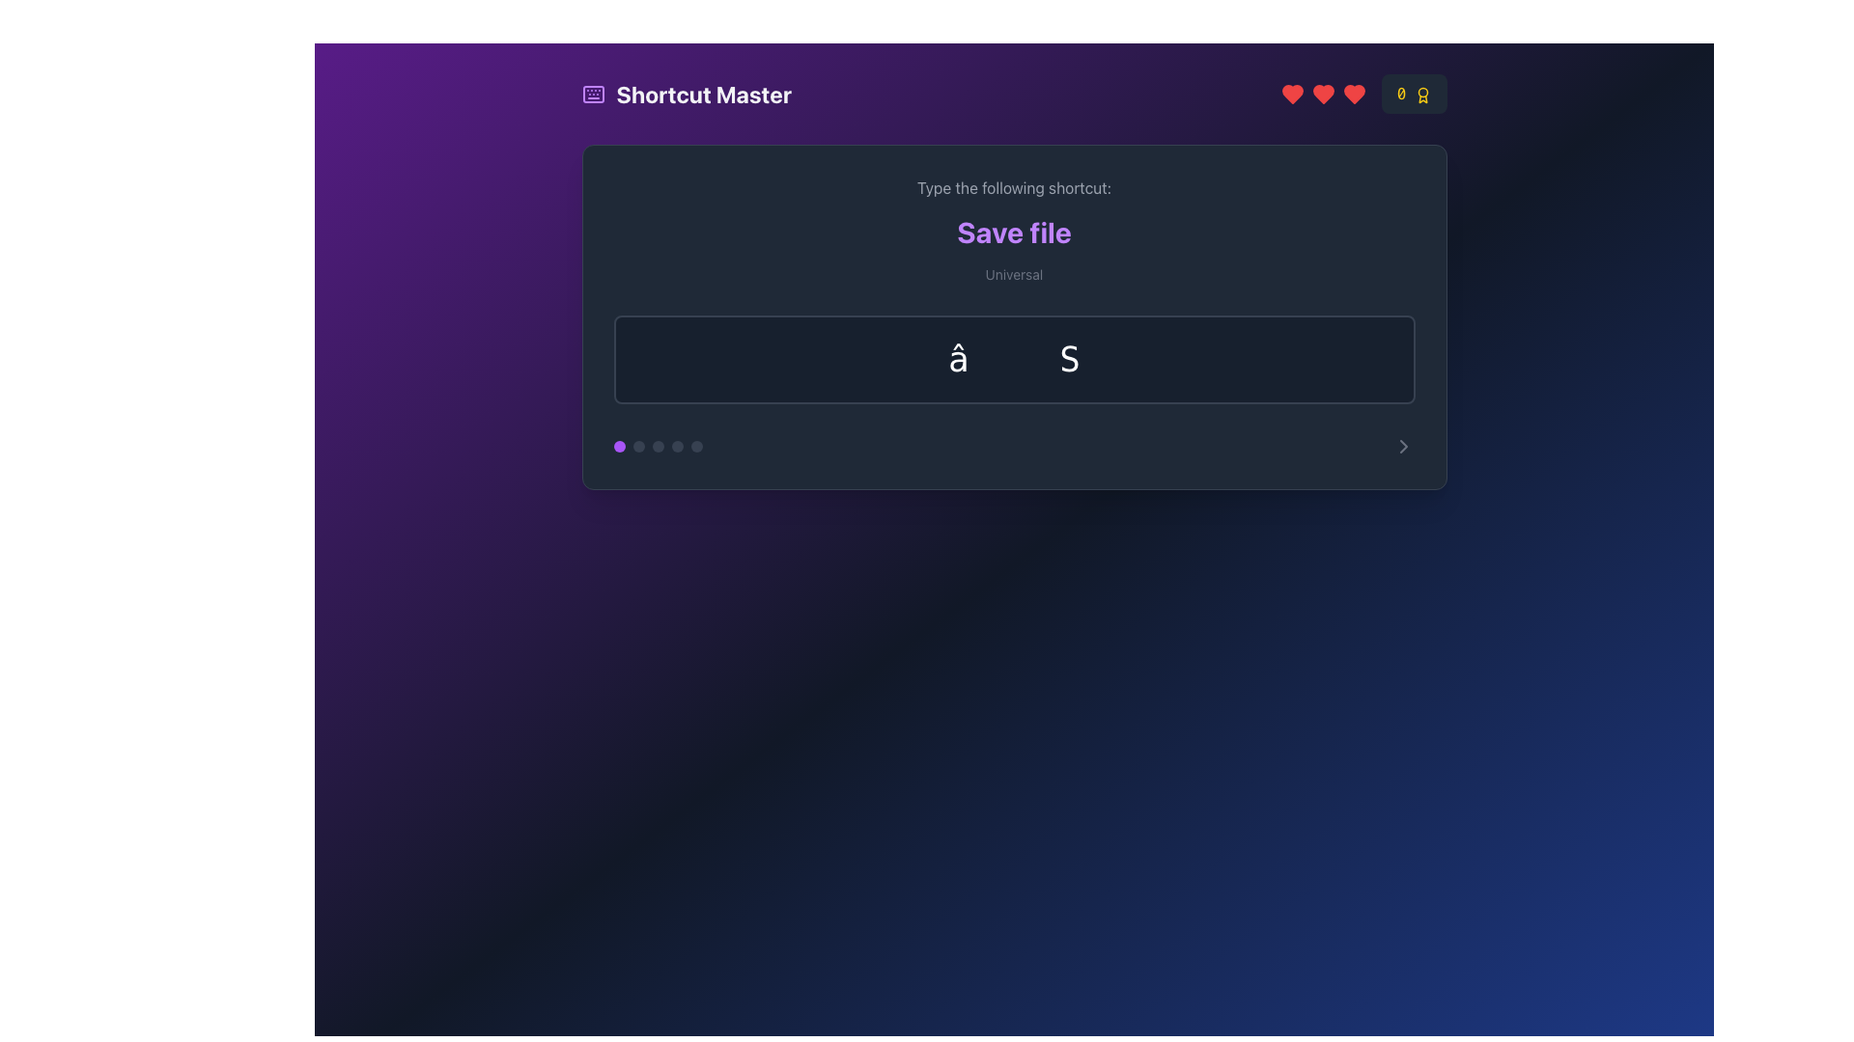  What do you see at coordinates (619, 446) in the screenshot?
I see `the first indicator dot in the horizontal sequence of five circles located at the bottom left of the dark central card` at bounding box center [619, 446].